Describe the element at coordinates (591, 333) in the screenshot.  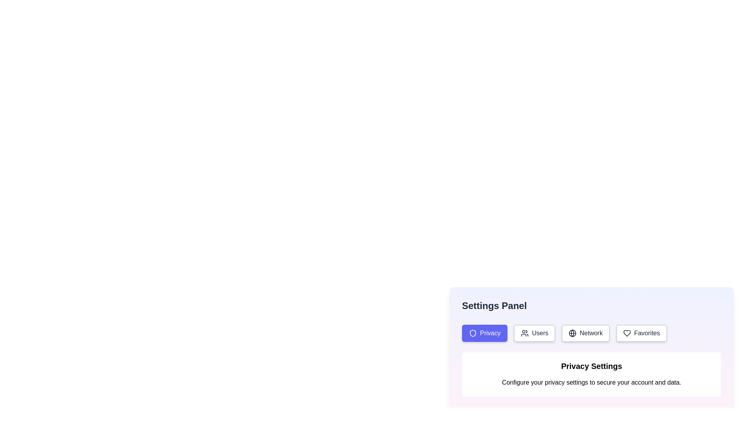
I see `the text label within the network settings button located at the top-right section of the settings interface` at that location.